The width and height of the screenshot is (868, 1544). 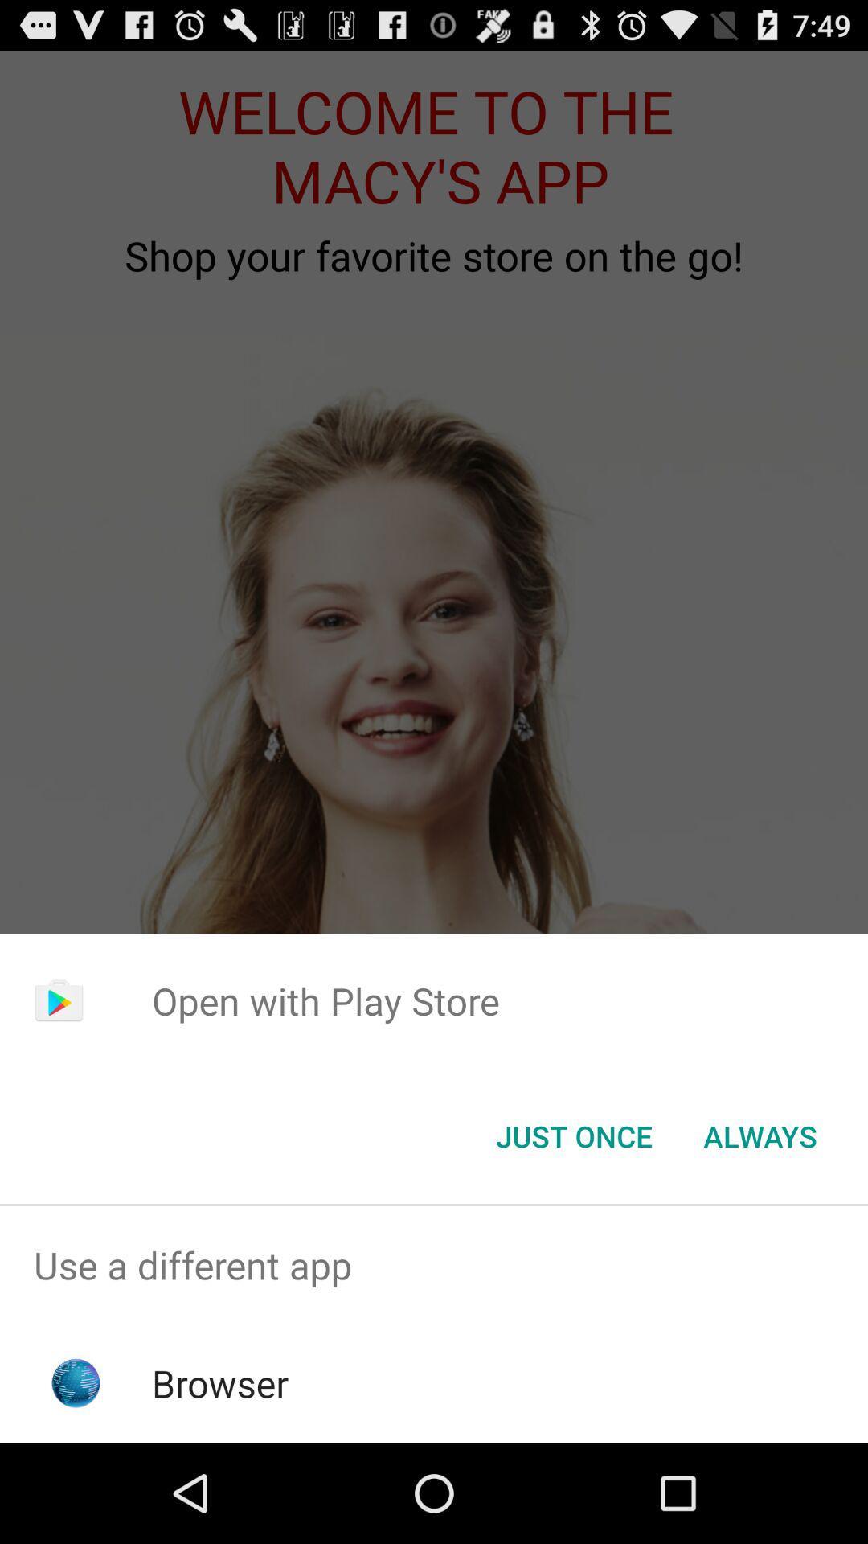 I want to click on just once item, so click(x=573, y=1135).